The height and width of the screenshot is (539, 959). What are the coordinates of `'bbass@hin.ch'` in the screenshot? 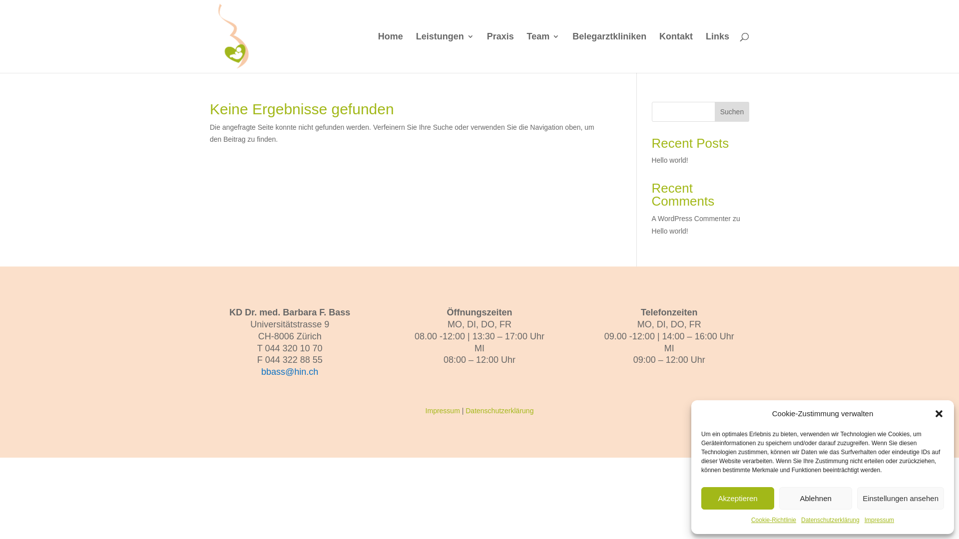 It's located at (289, 371).